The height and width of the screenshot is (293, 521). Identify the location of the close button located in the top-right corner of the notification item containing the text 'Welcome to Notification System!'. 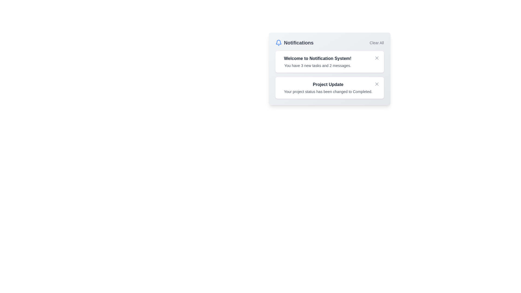
(376, 58).